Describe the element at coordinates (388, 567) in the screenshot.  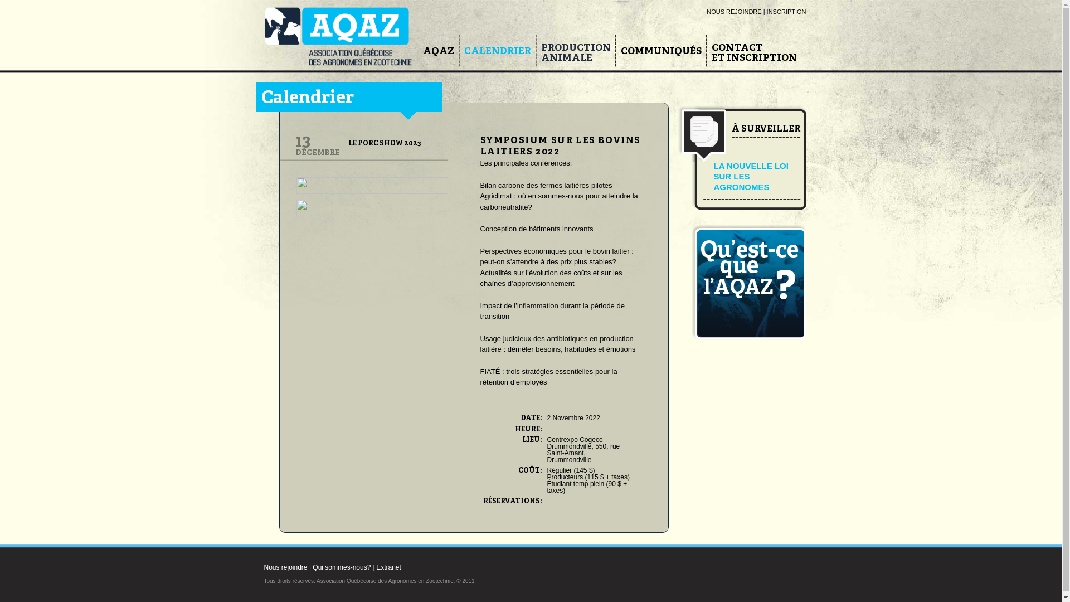
I see `'Extranet'` at that location.